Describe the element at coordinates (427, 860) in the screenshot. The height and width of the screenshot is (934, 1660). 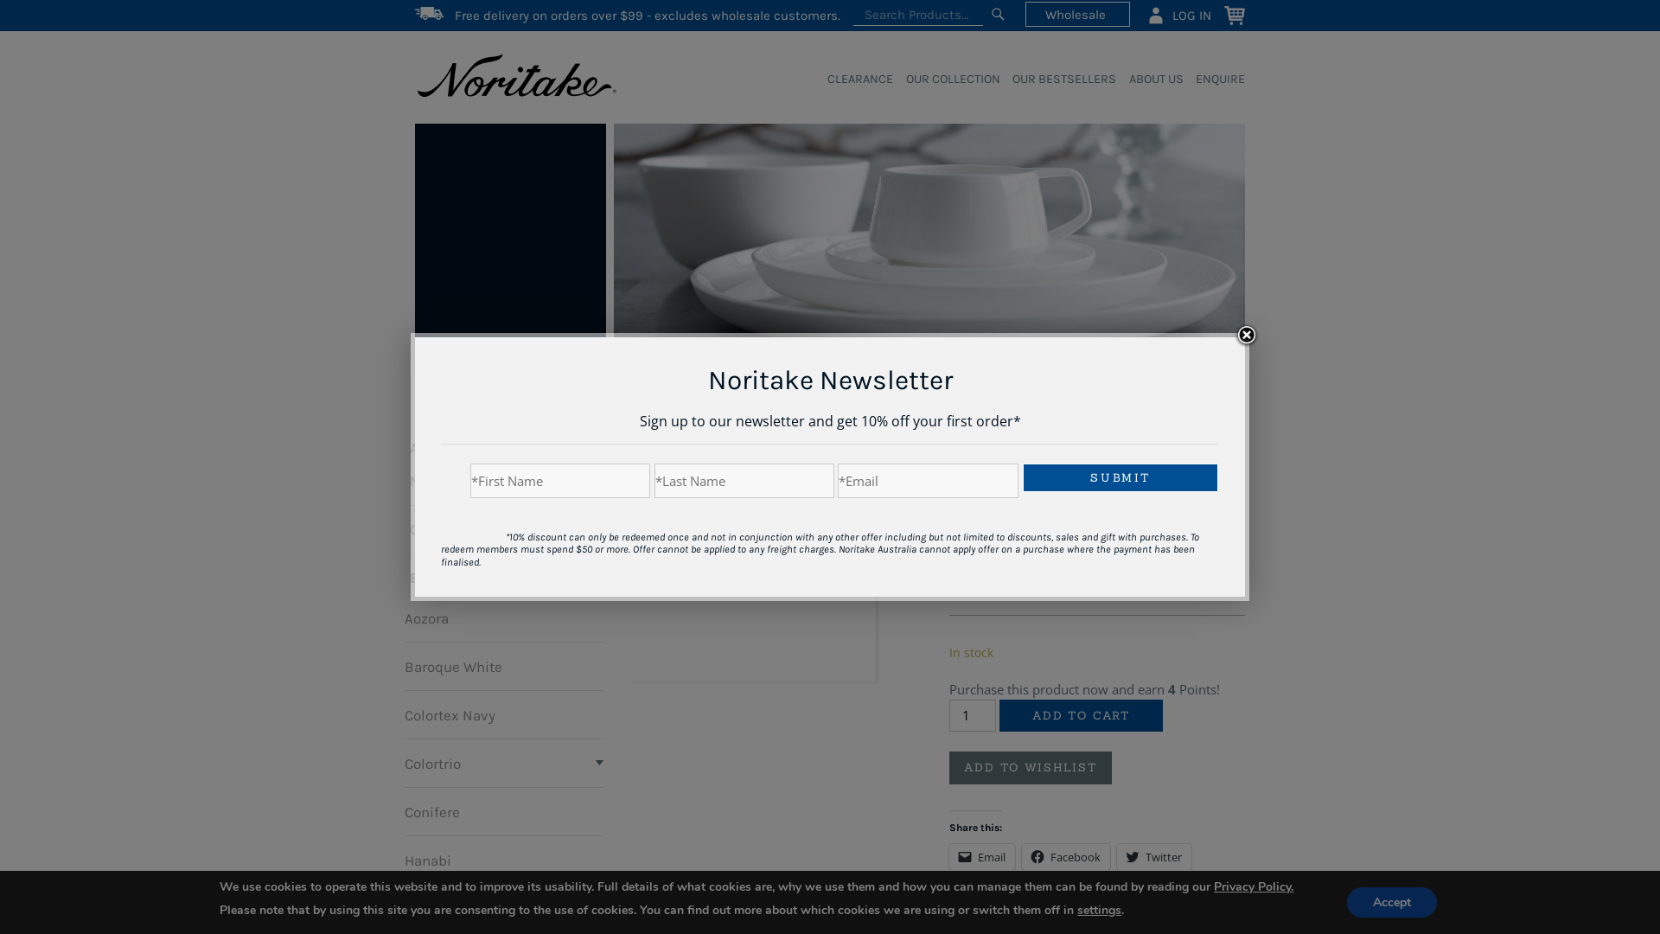
I see `'Hanabi'` at that location.